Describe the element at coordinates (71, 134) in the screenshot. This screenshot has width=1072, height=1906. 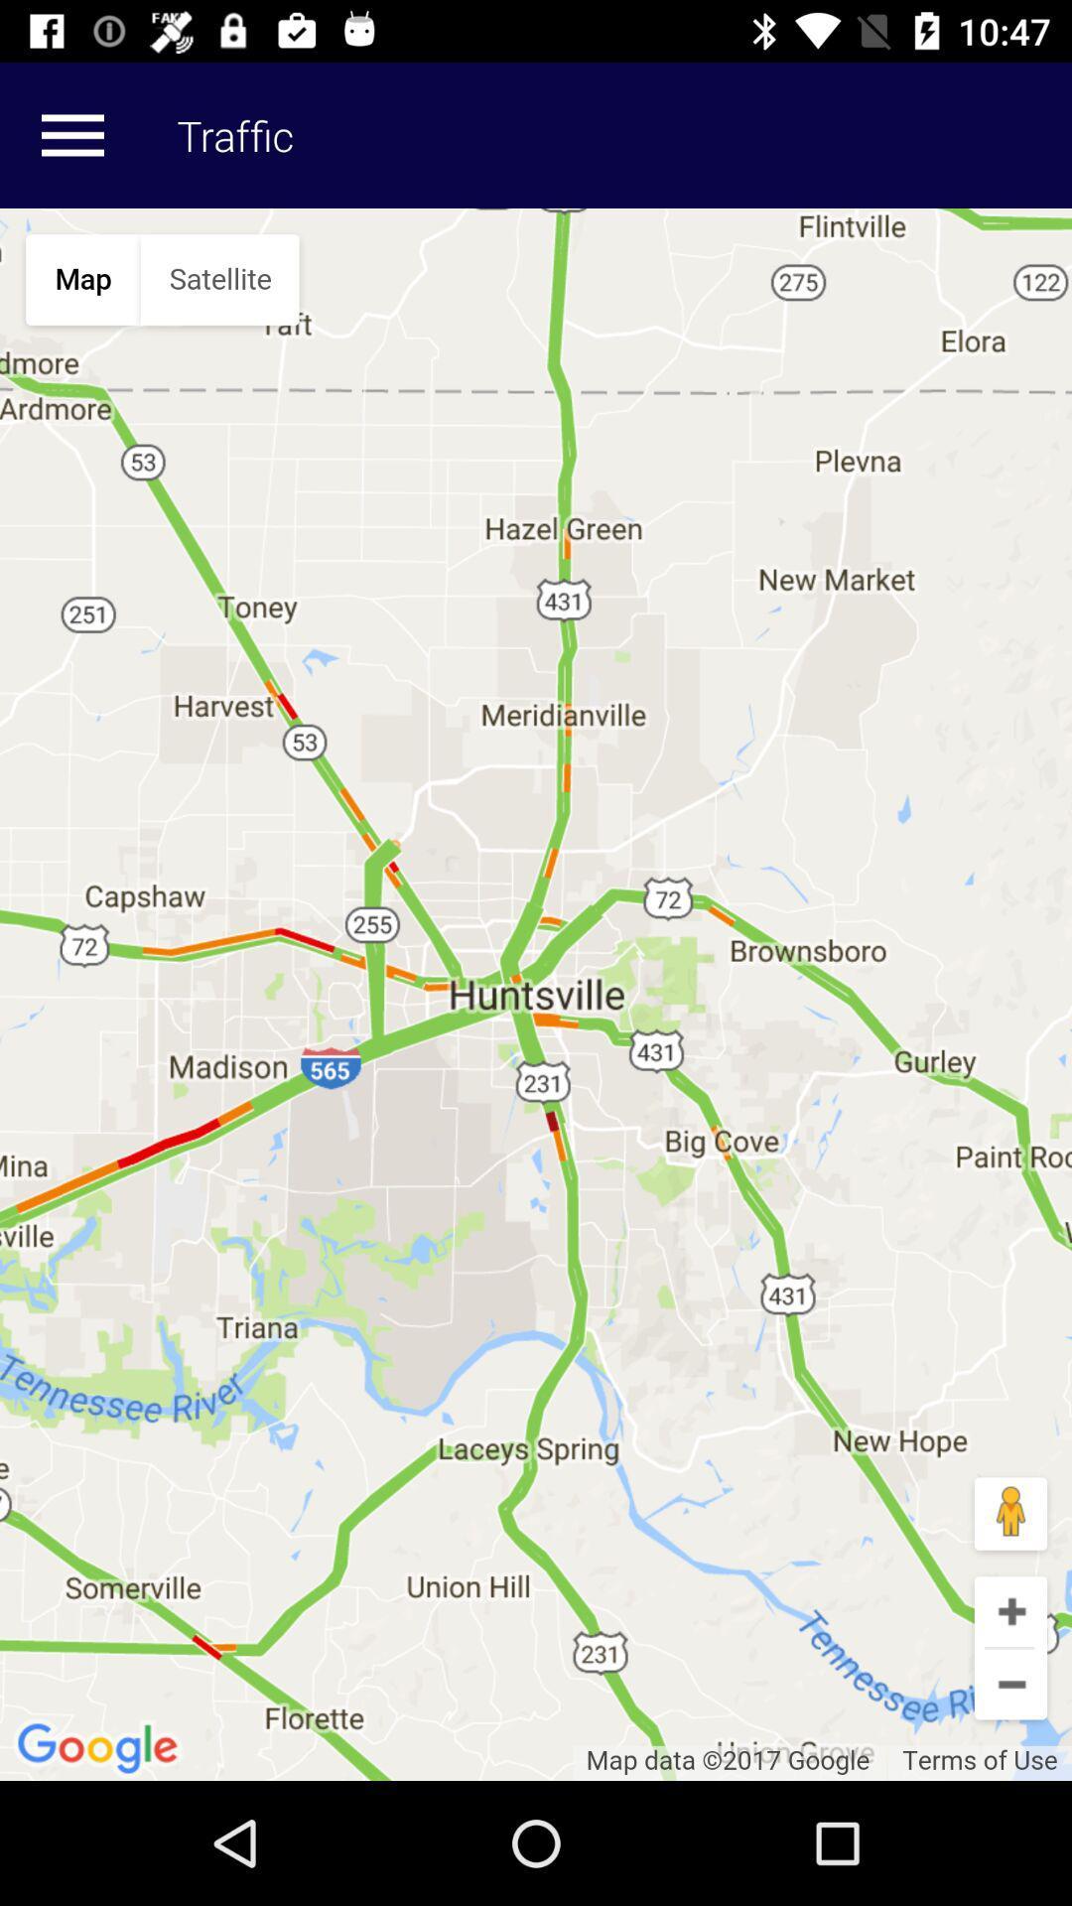
I see `the menu` at that location.